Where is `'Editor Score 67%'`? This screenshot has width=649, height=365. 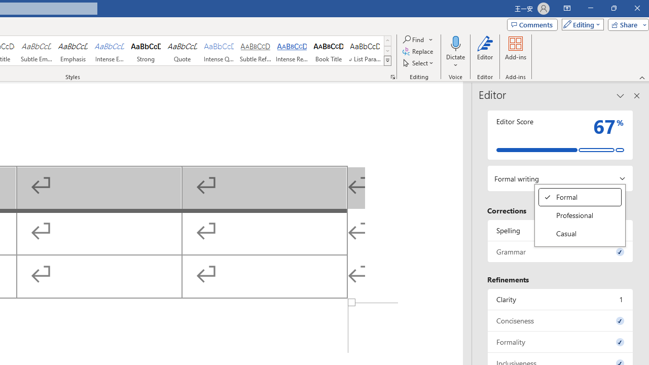 'Editor Score 67%' is located at coordinates (560, 134).